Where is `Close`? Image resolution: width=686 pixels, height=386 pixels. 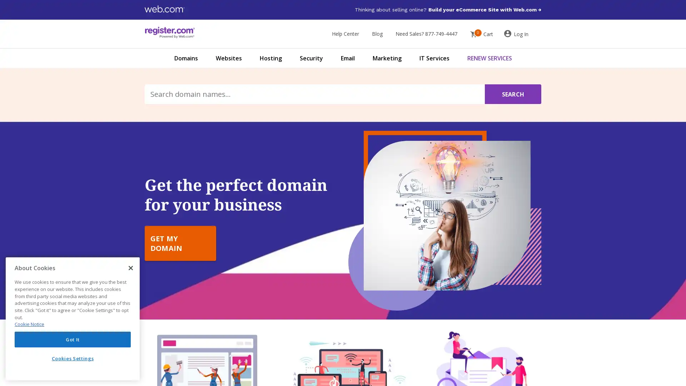
Close is located at coordinates (130, 268).